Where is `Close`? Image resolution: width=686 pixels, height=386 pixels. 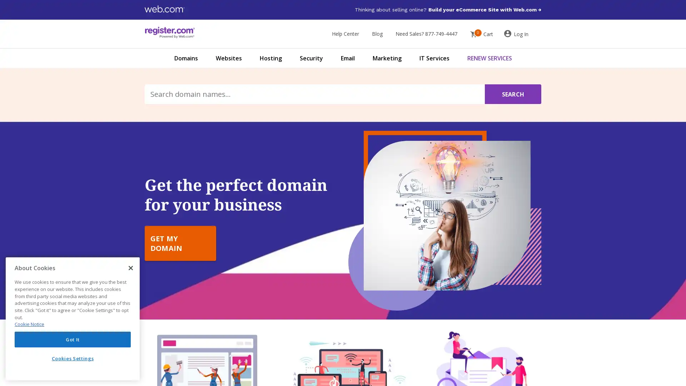
Close is located at coordinates (130, 268).